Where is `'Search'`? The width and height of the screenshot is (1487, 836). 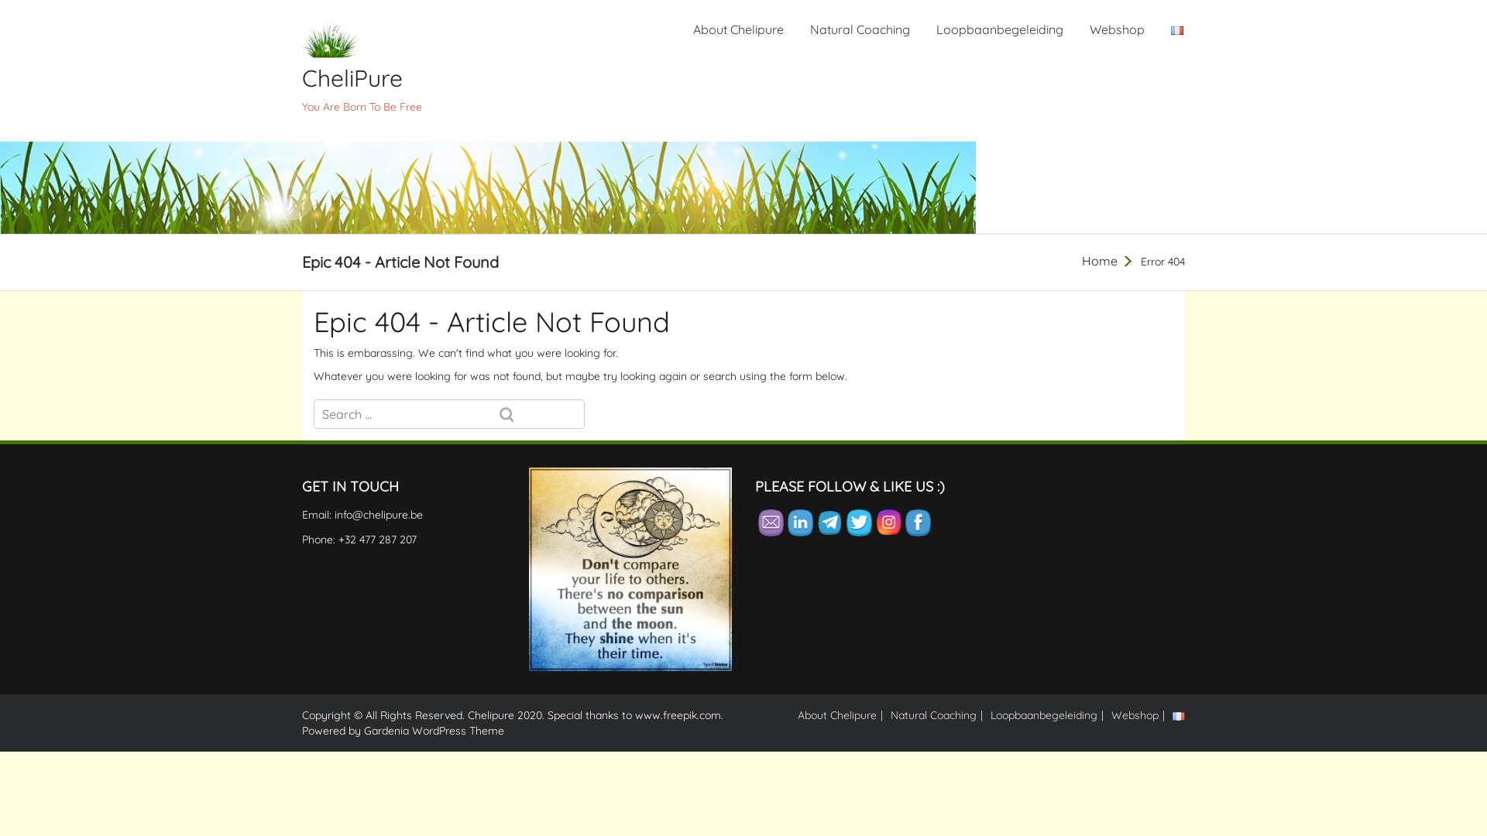
'Search' is located at coordinates (538, 414).